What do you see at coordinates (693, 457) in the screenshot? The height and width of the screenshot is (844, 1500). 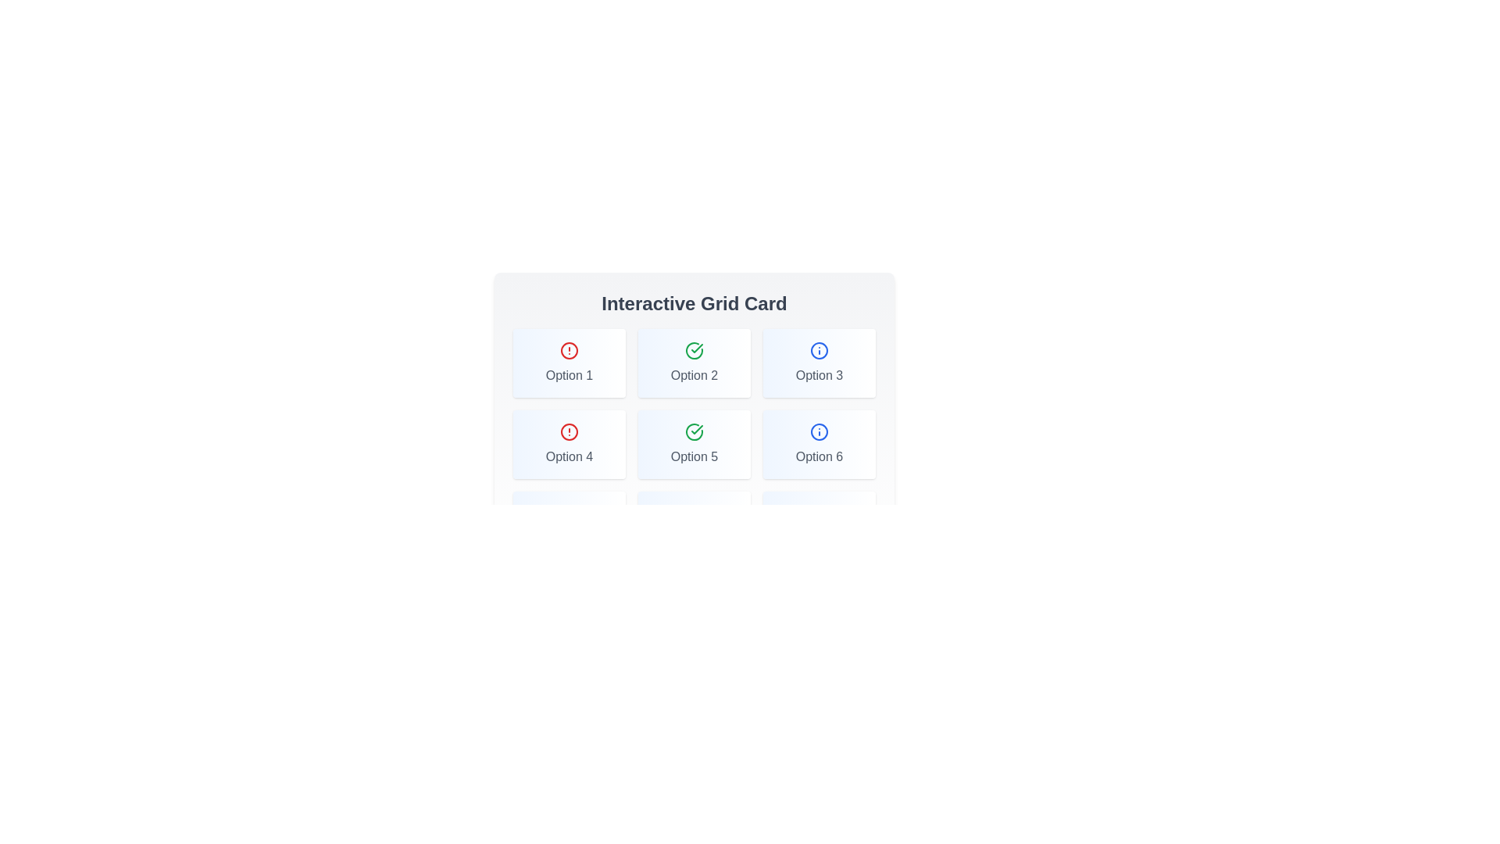 I see `the text label that says 'Option 5' in the interactive grid, which is styled with a gray color and located in the second row and second column of the layout` at bounding box center [693, 457].